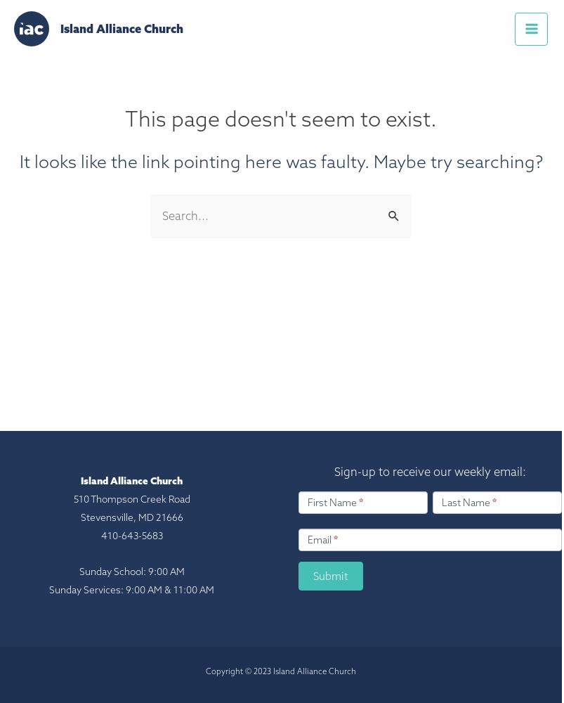 This screenshot has height=703, width=564. Describe the element at coordinates (100, 536) in the screenshot. I see `'410-643-5683'` at that location.